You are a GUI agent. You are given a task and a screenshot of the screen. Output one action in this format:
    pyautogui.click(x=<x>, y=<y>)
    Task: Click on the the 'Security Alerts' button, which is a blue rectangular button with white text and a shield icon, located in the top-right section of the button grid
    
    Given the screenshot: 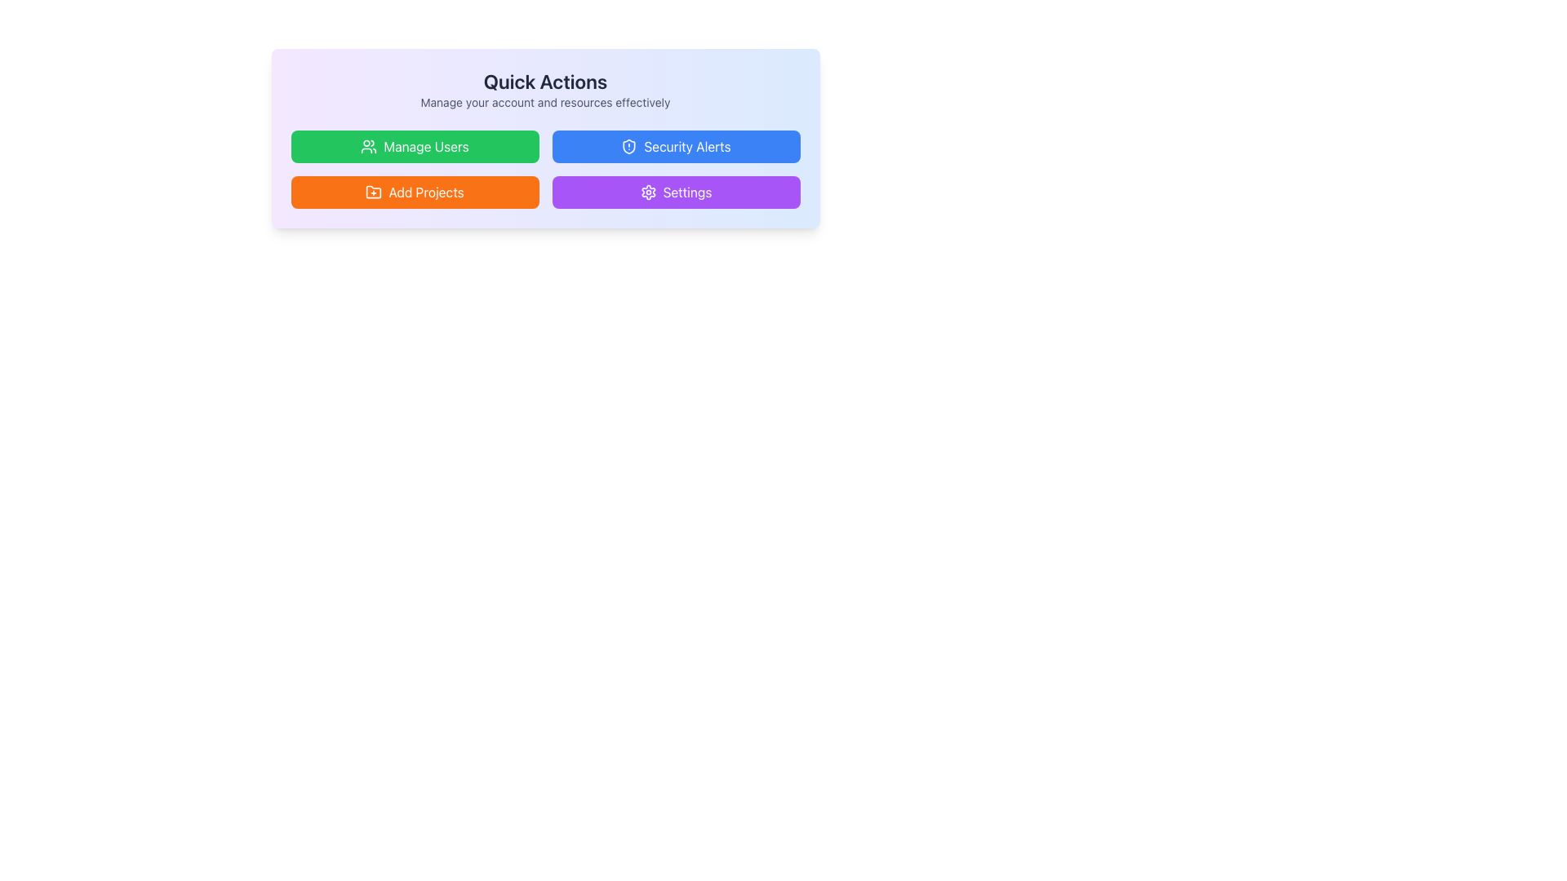 What is the action you would take?
    pyautogui.click(x=676, y=147)
    